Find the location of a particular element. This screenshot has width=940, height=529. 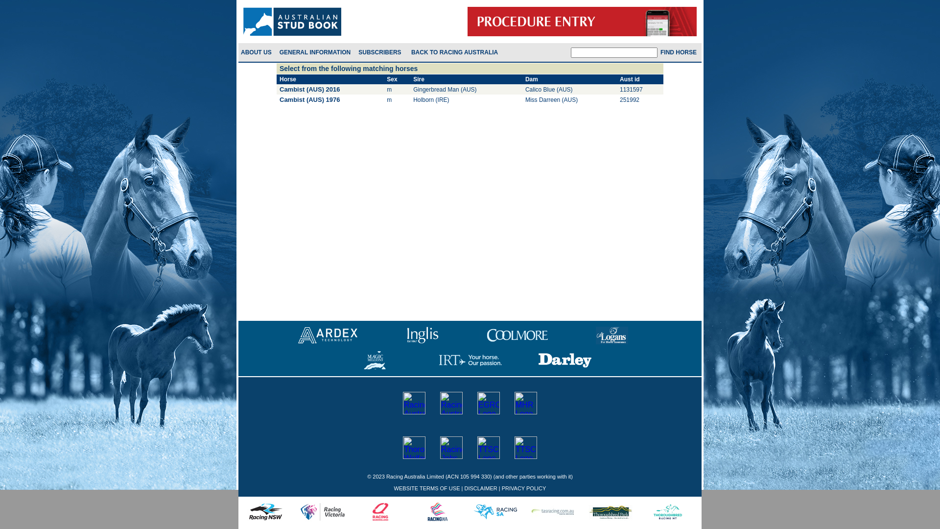

'GENERAL INFORMATION' is located at coordinates (316, 52).